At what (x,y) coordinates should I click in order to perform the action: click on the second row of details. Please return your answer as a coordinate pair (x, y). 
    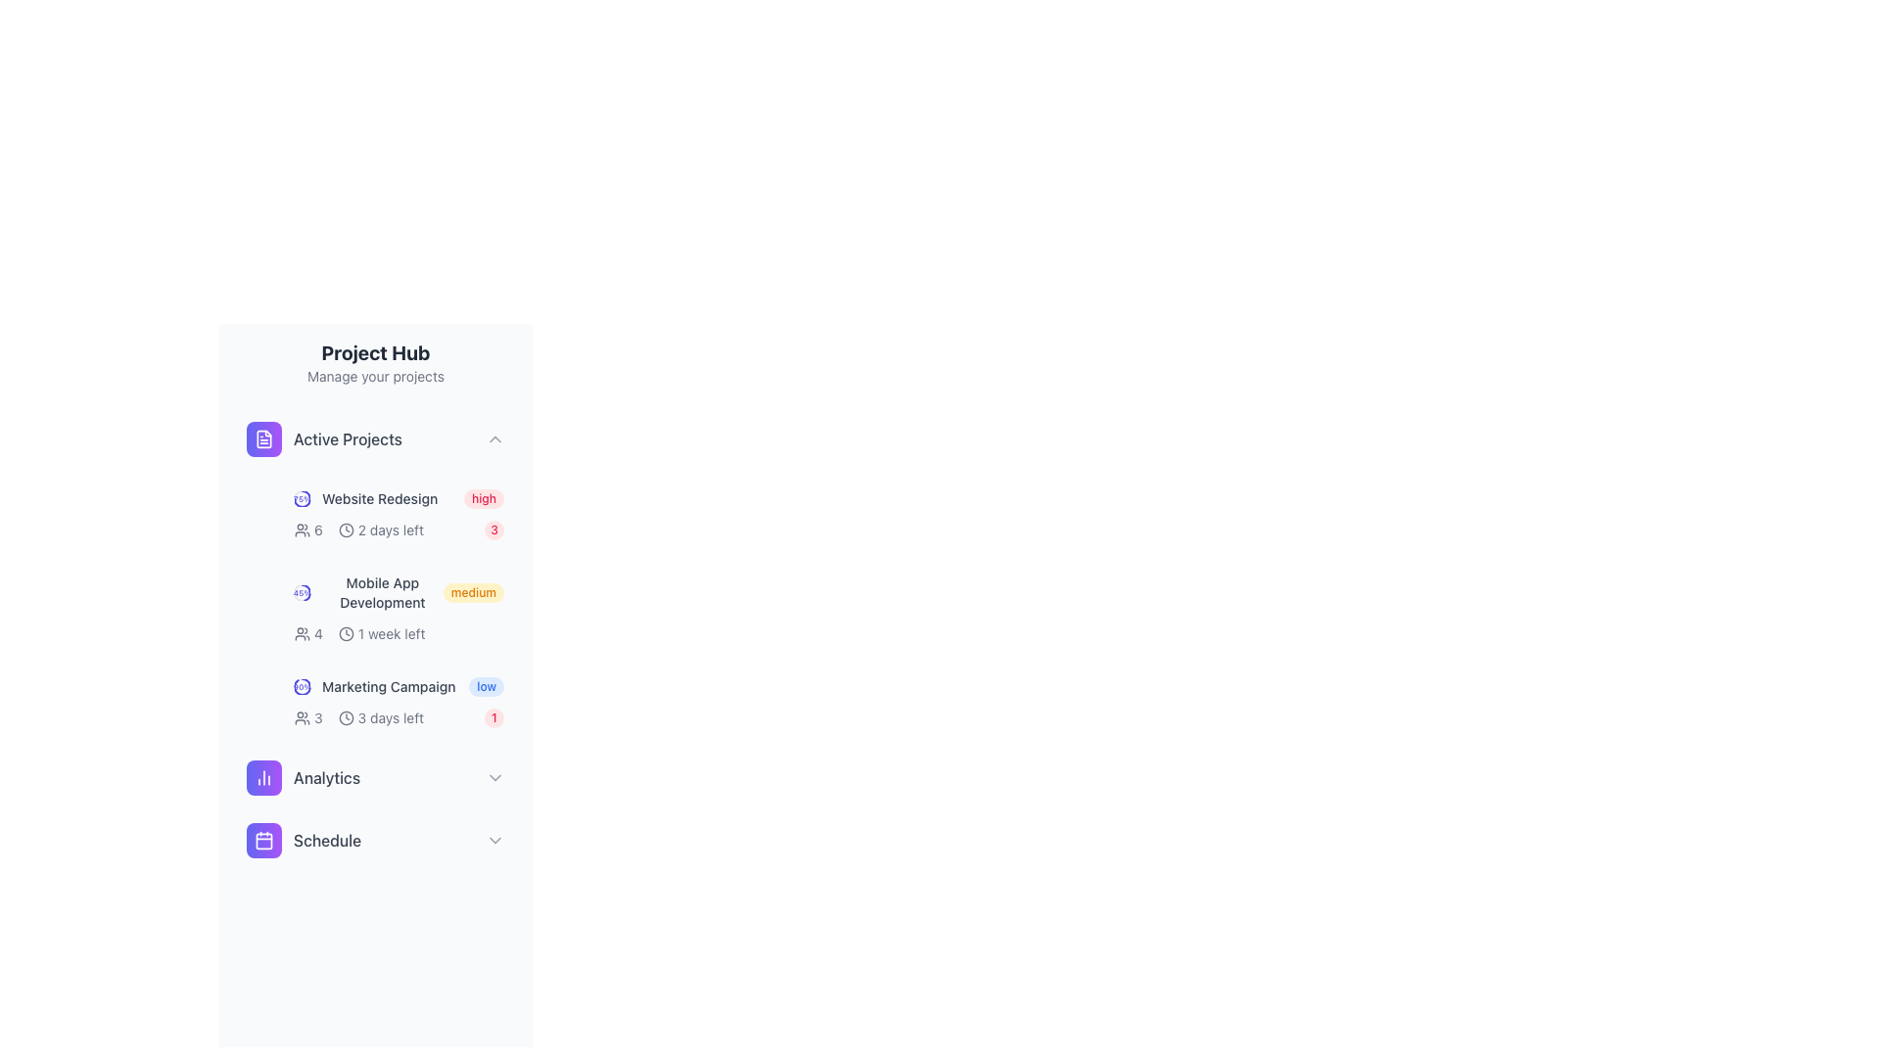
    Looking at the image, I should click on (399, 717).